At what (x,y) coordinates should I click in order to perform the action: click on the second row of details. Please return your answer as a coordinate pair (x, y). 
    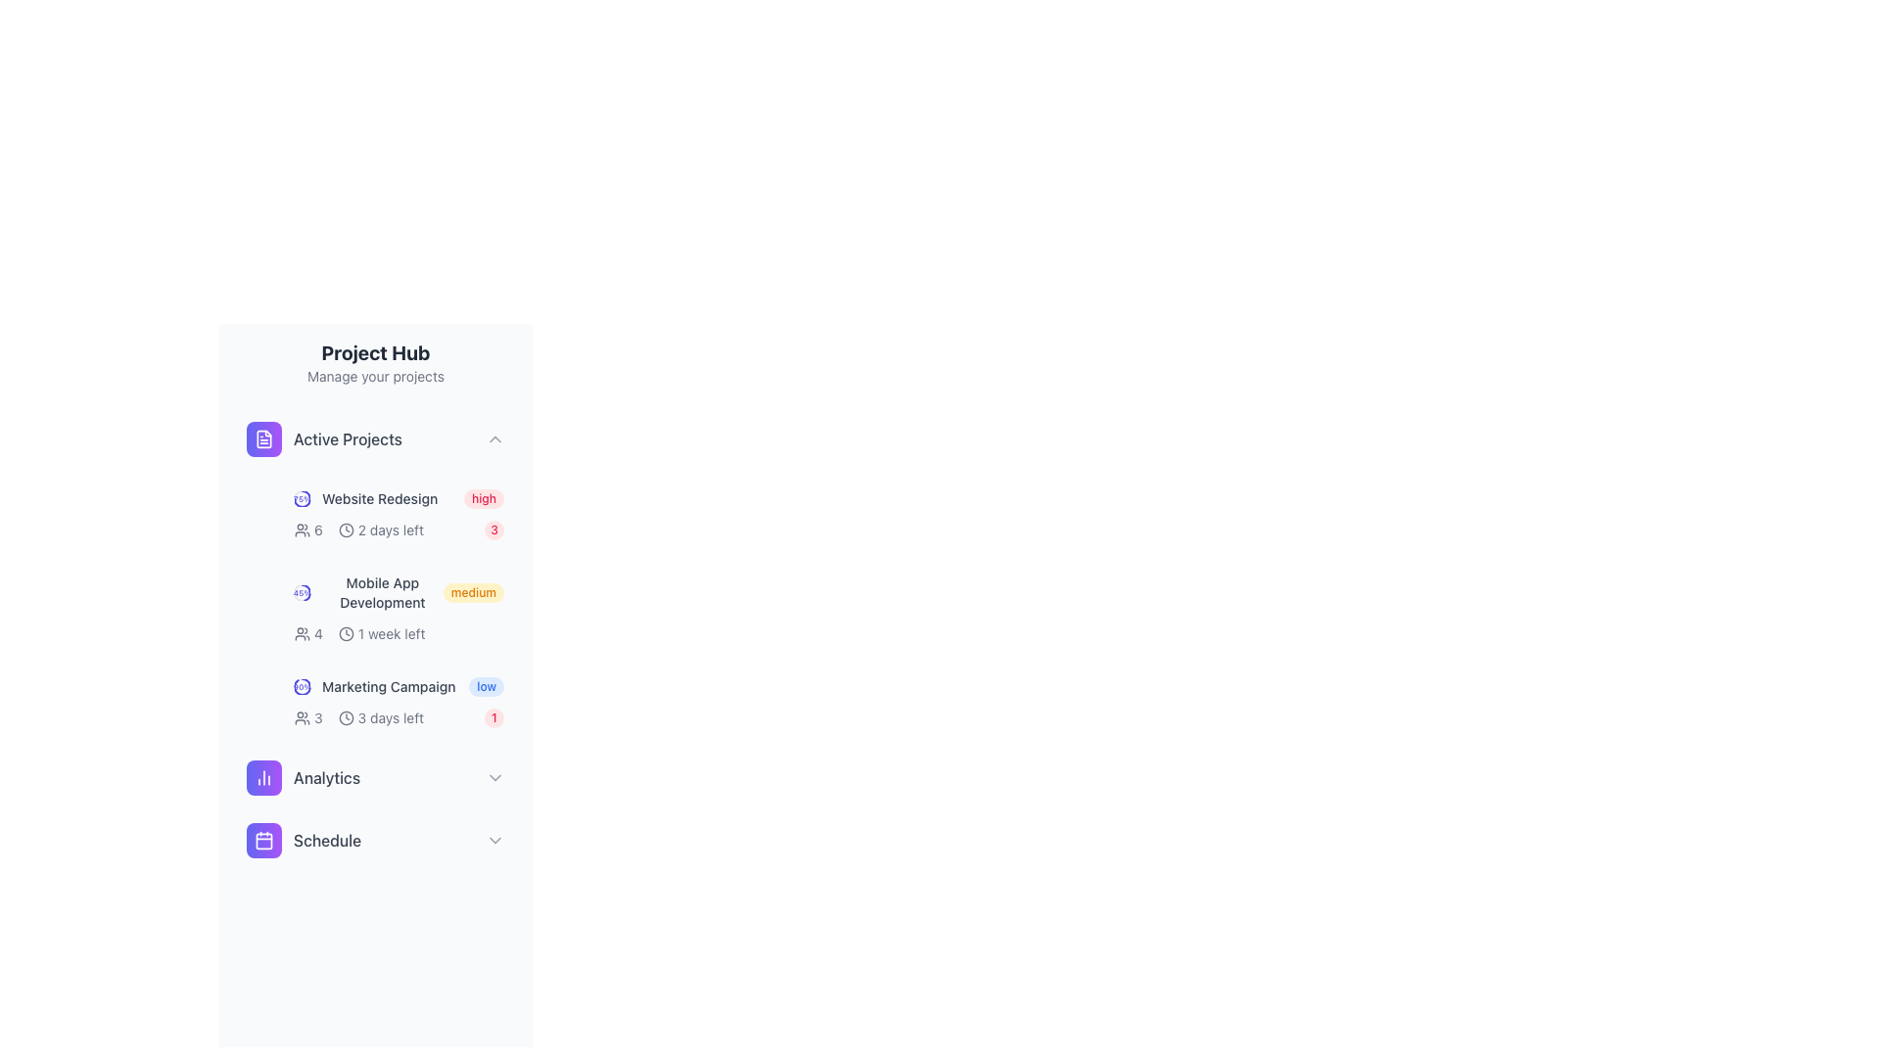
    Looking at the image, I should click on (399, 717).